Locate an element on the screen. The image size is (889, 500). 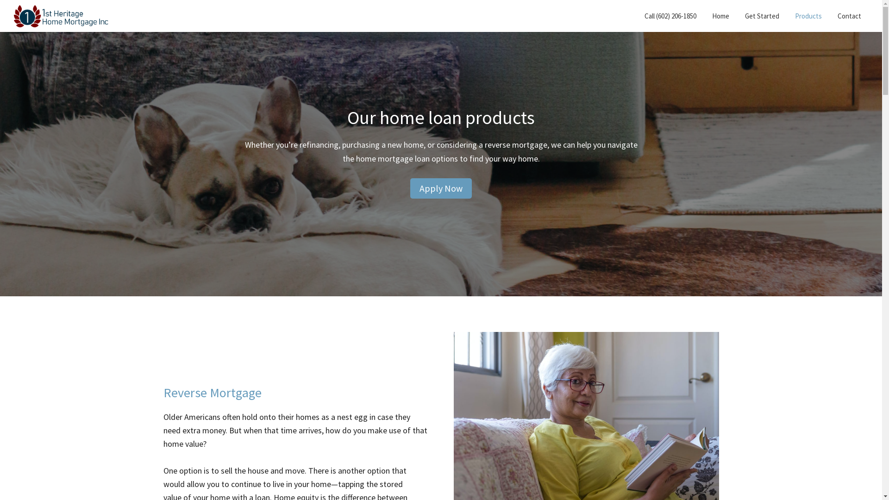
'Get Started' is located at coordinates (762, 16).